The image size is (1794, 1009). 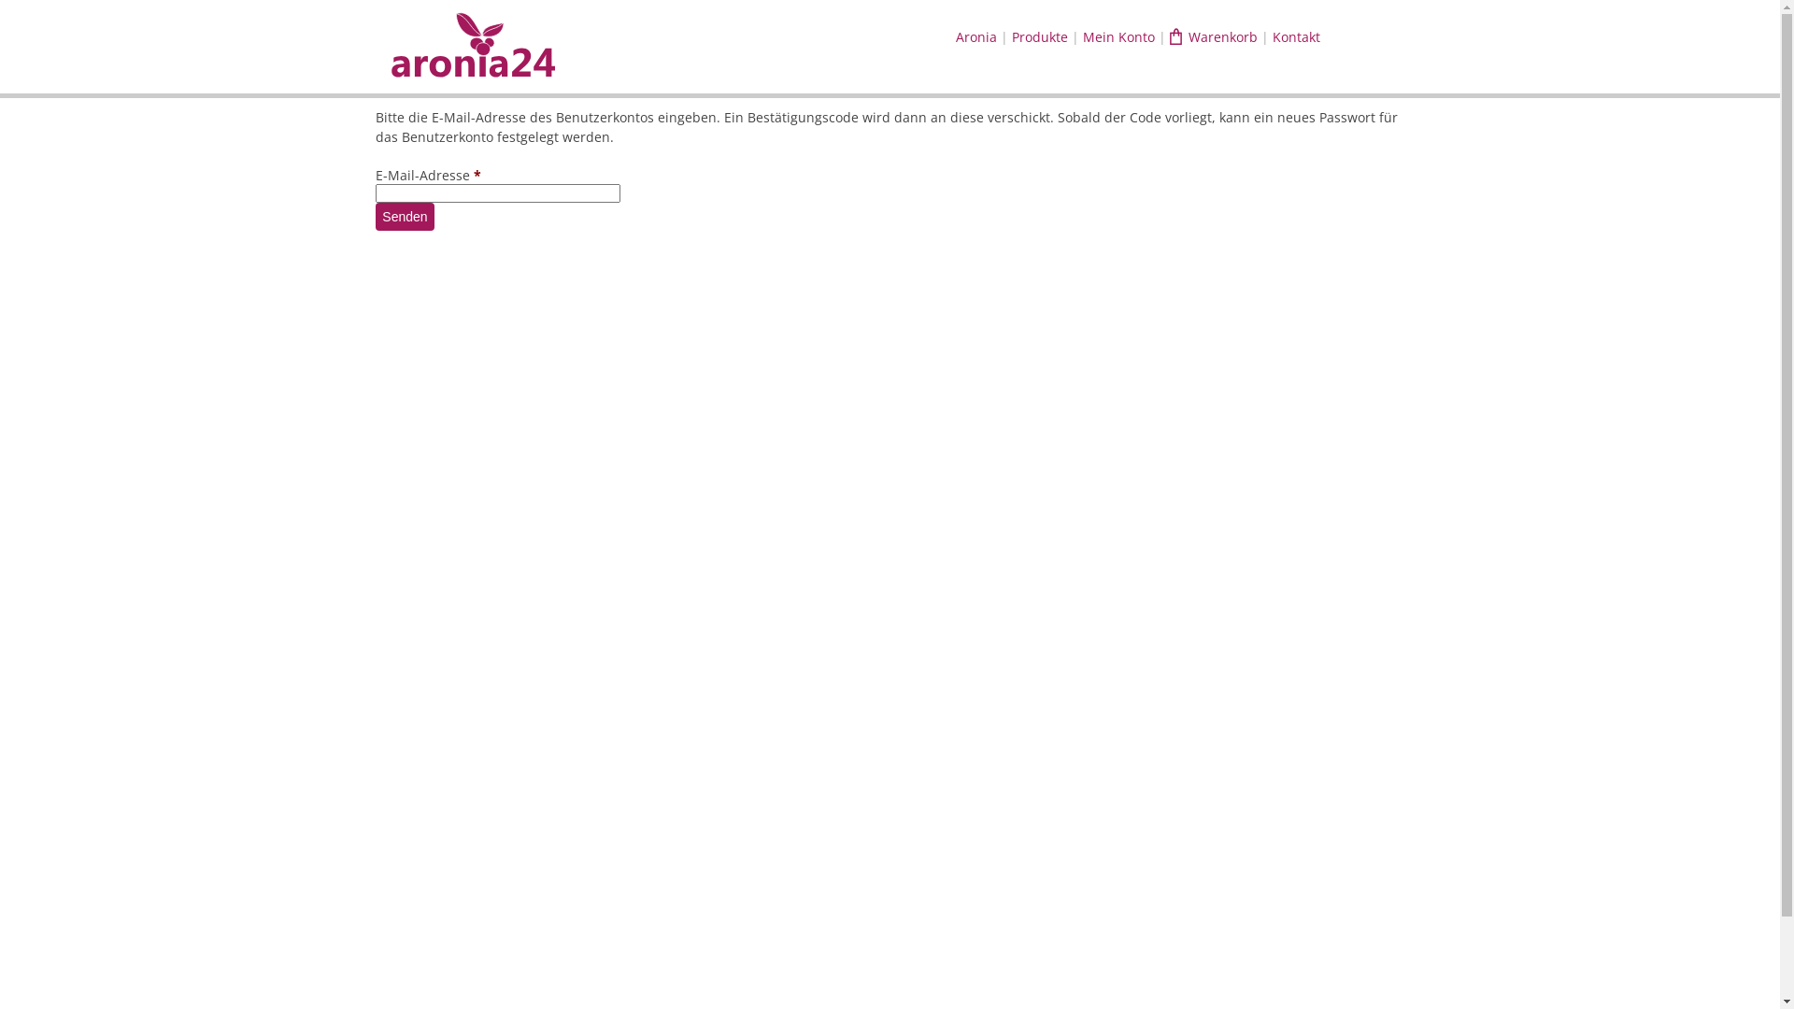 I want to click on 'Warenkorb', so click(x=1214, y=36).